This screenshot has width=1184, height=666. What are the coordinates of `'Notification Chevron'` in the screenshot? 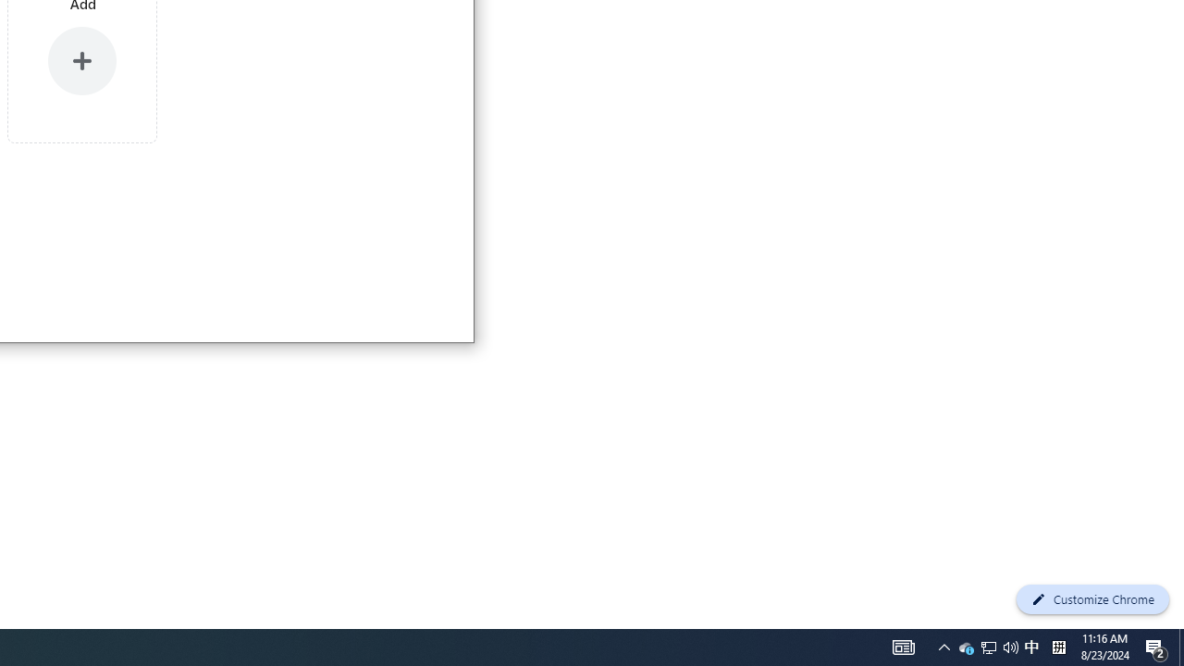 It's located at (904, 646).